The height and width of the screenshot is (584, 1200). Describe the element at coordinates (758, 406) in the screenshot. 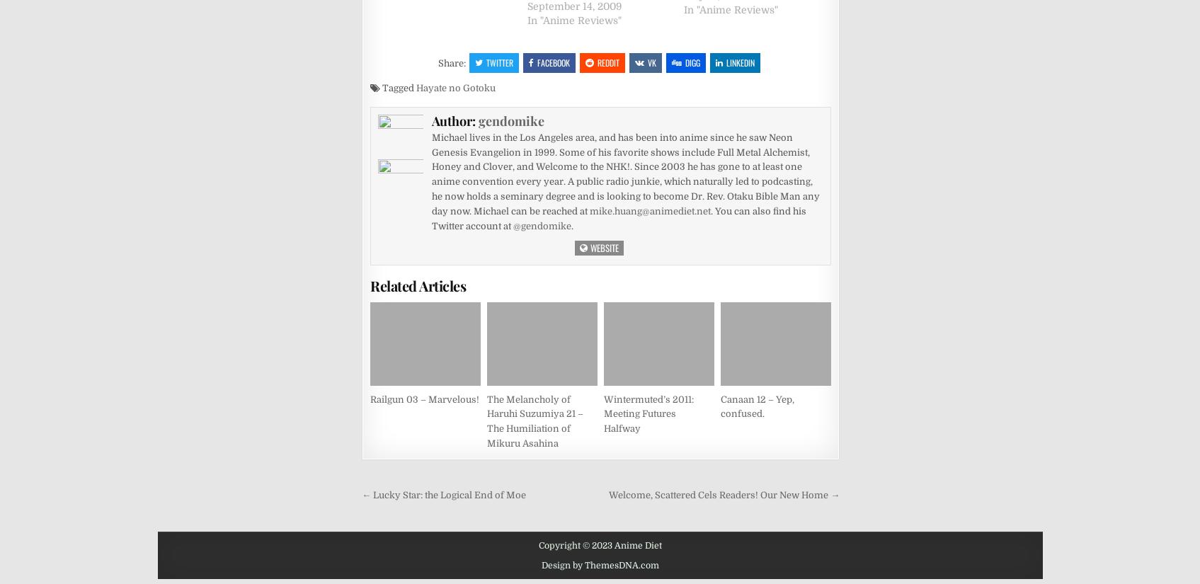

I see `'Canaan 12 – Yep, confused.'` at that location.